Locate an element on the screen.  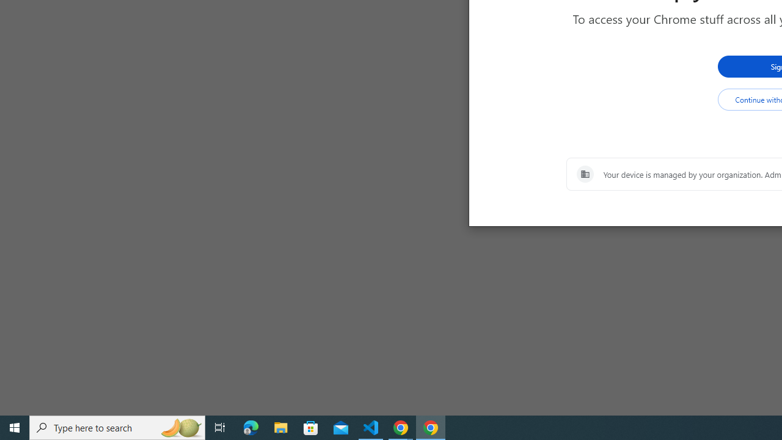
'Google Chrome - 2 running windows' is located at coordinates (401, 427).